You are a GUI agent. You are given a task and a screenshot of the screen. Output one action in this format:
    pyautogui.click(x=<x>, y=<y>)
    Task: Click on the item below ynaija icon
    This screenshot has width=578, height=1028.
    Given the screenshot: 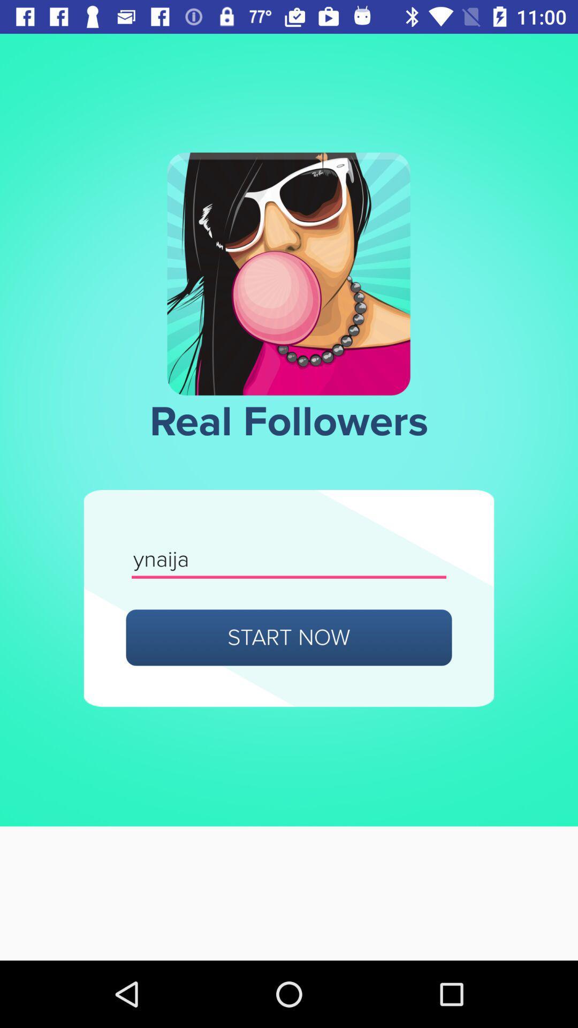 What is the action you would take?
    pyautogui.click(x=289, y=637)
    